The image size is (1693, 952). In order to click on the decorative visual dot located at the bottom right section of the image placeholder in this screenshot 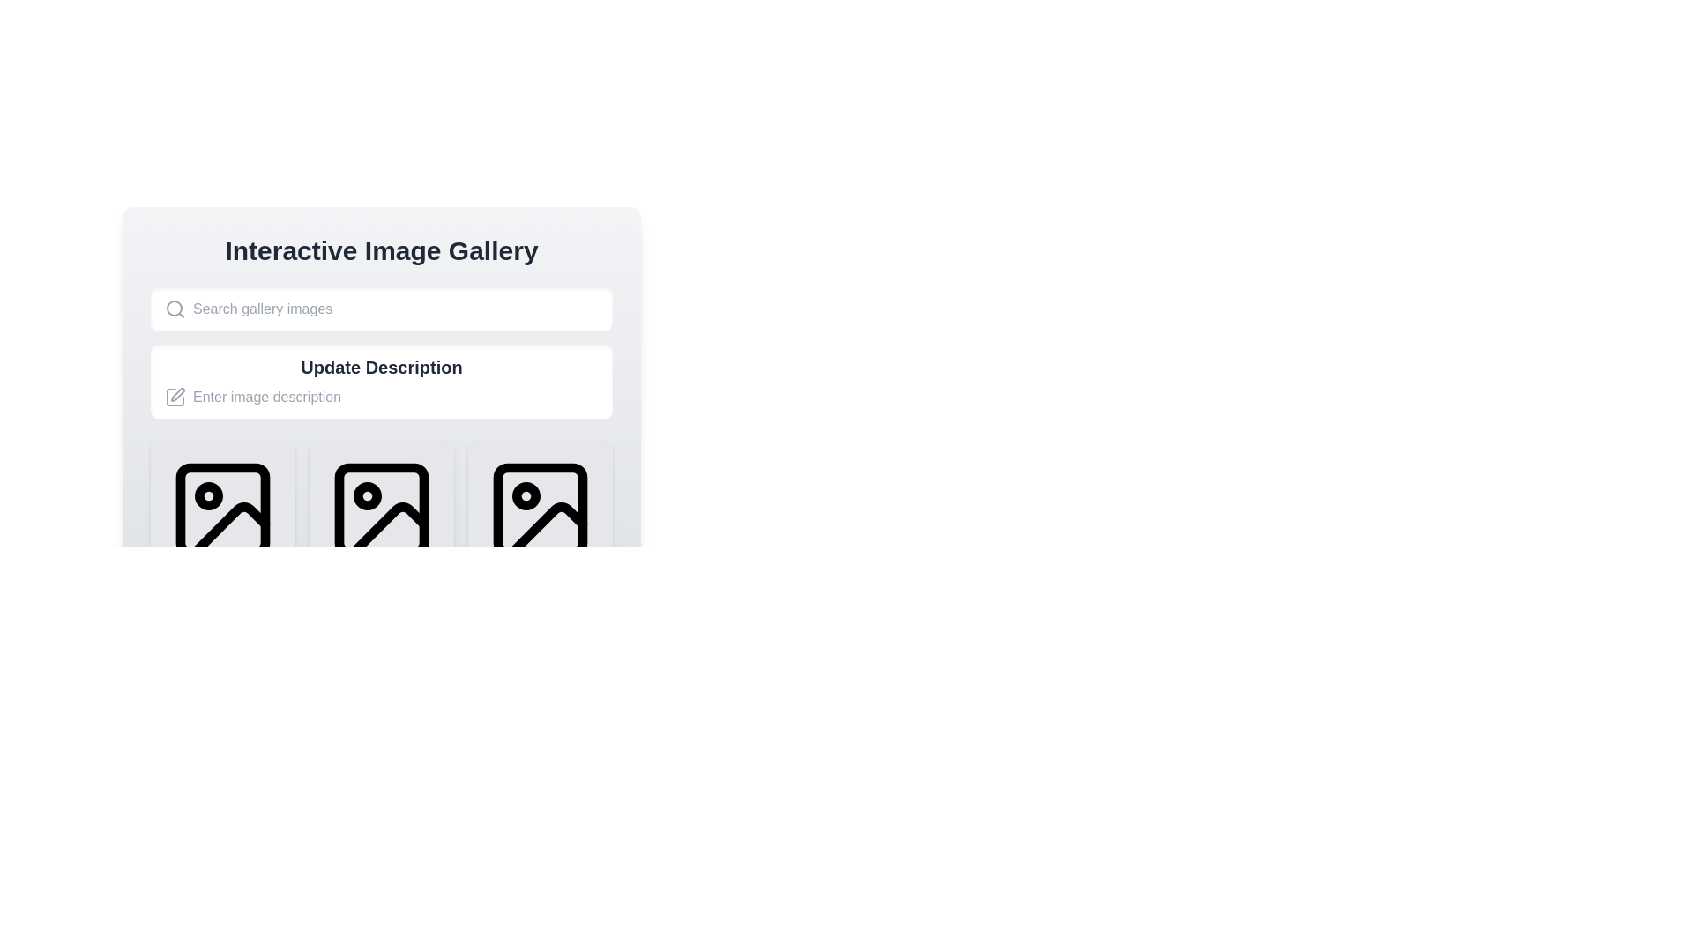, I will do `click(367, 703)`.